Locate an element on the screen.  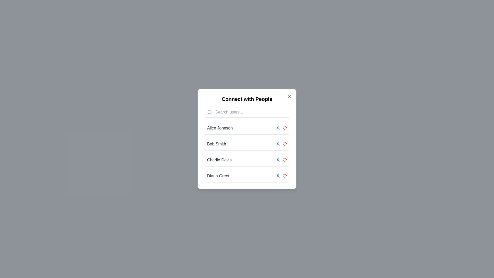
the list item for 'Bob Smith' is located at coordinates (247, 139).